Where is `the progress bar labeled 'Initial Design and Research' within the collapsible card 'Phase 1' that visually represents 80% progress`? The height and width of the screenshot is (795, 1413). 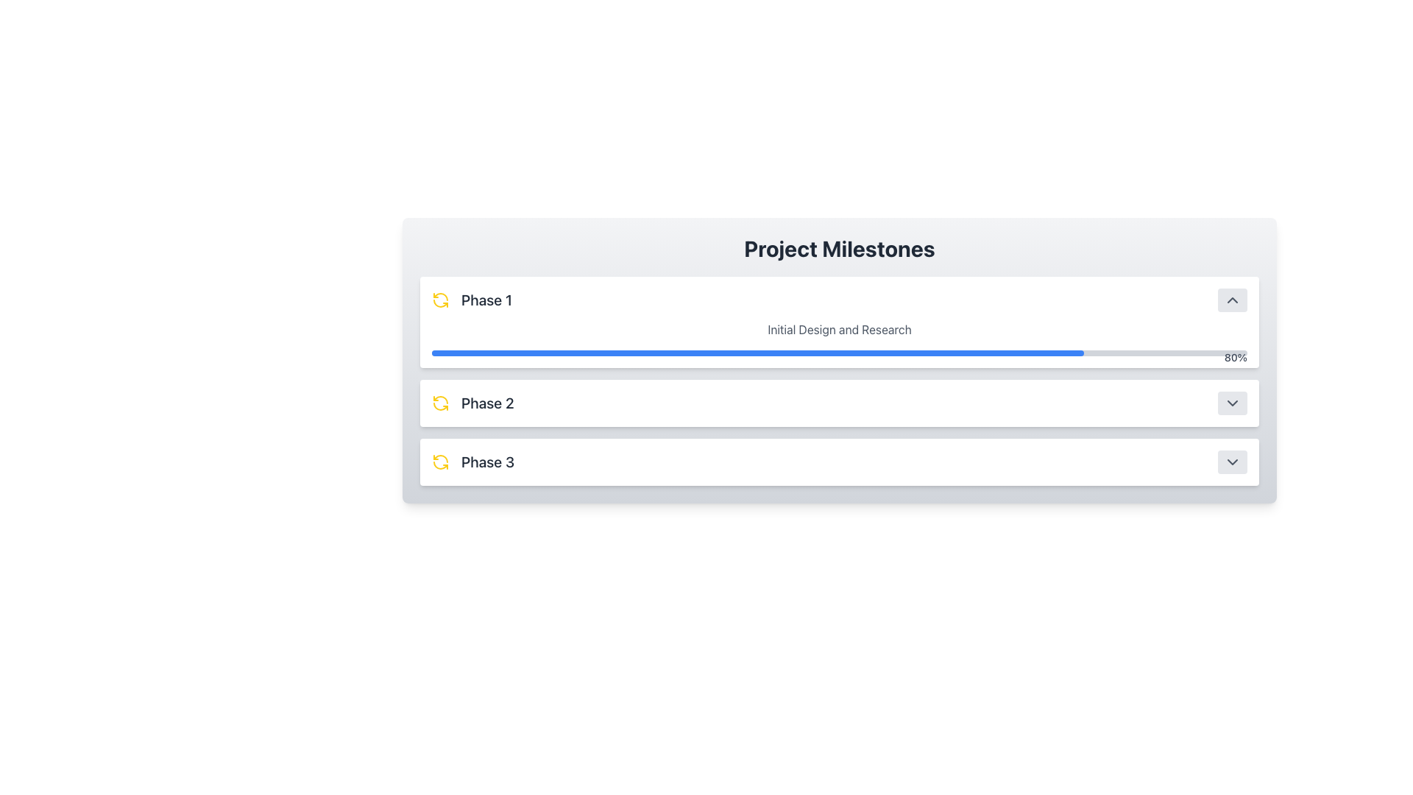
the progress bar labeled 'Initial Design and Research' within the collapsible card 'Phase 1' that visually represents 80% progress is located at coordinates (840, 338).